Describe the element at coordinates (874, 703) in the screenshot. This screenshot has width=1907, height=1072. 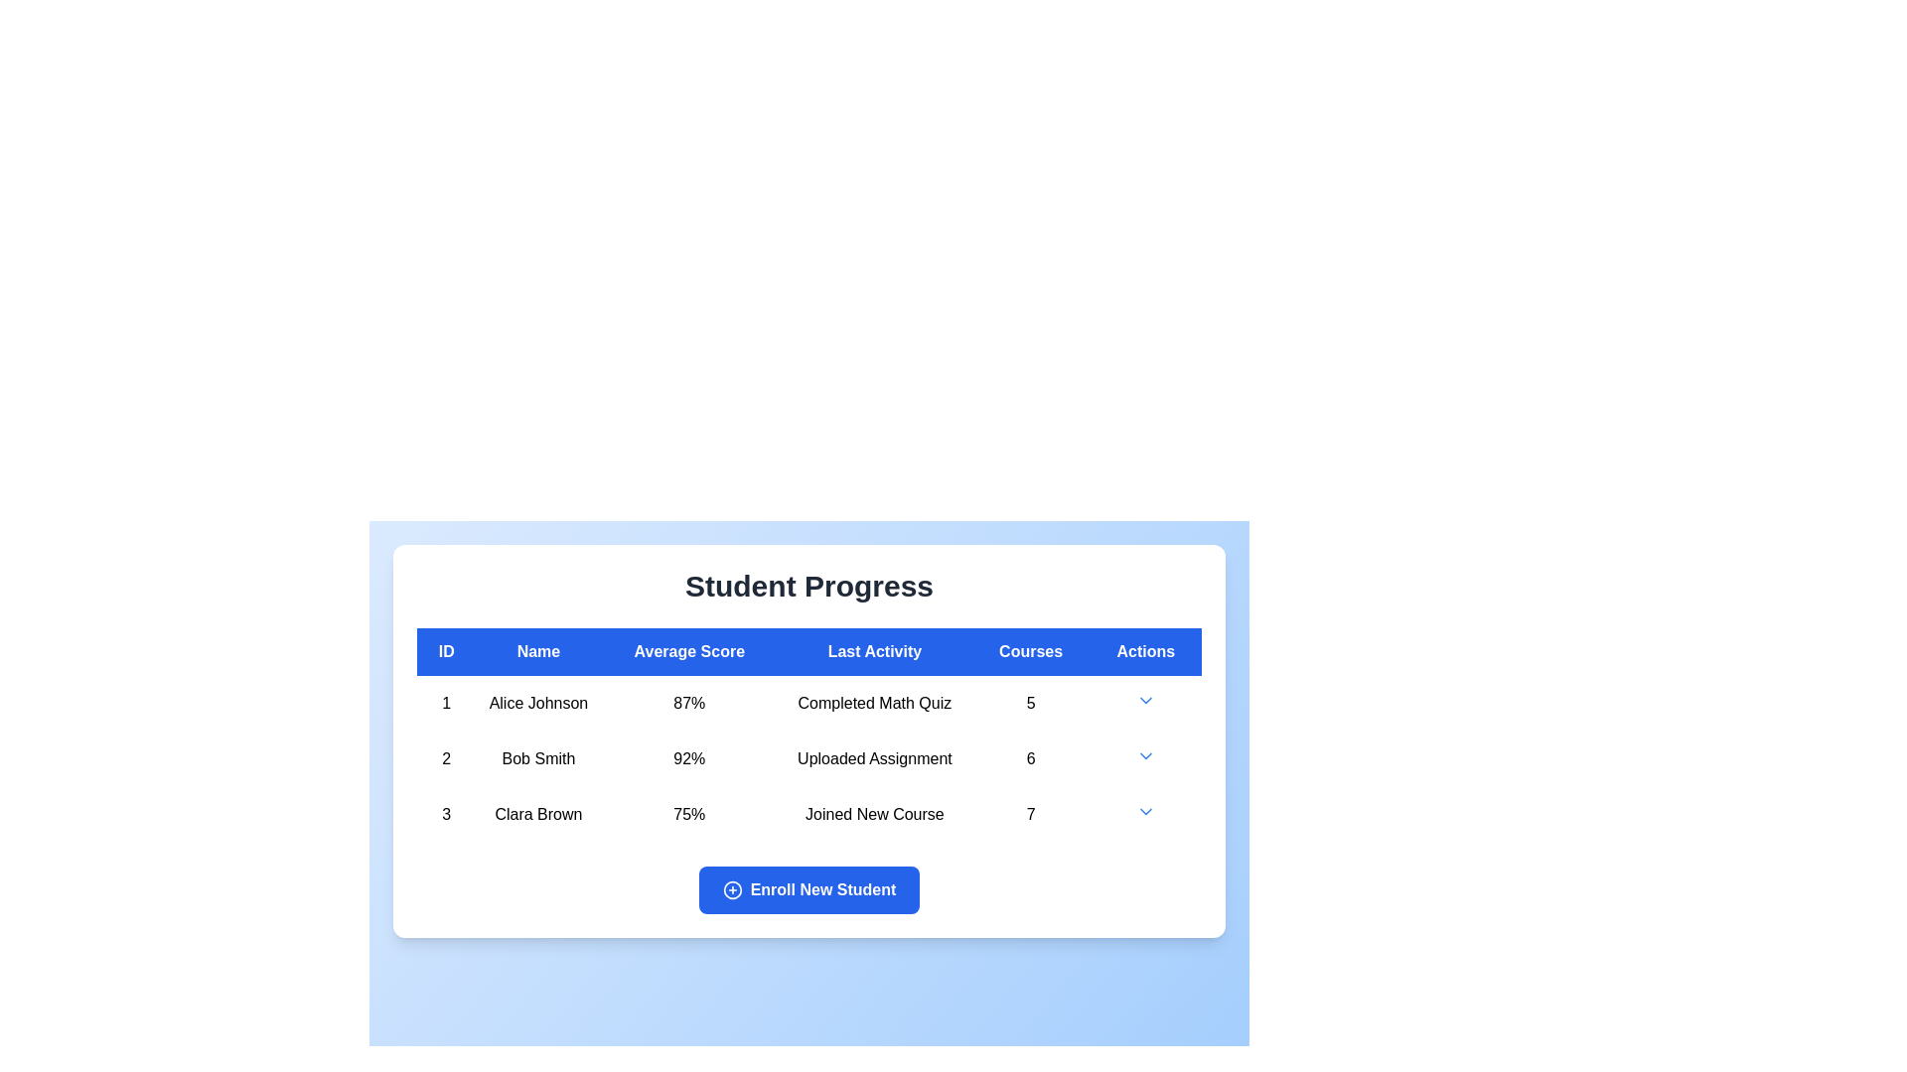
I see `the Text Label displaying 'Completed Math Quiz' under the 'Last Activity' column for '1 Alice Johnson 87%' in the 'Student Progress' table` at that location.